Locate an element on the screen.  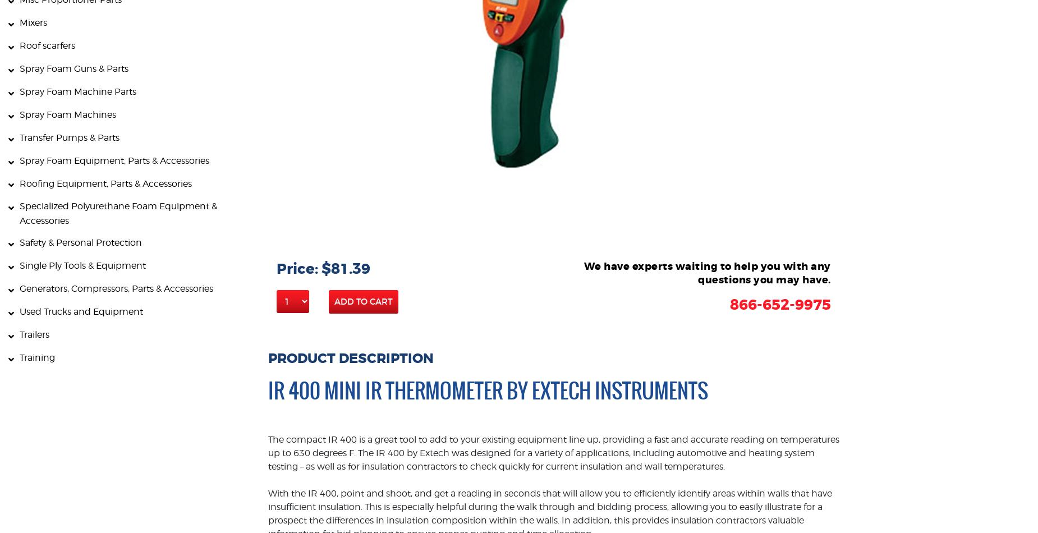
'Safety & Personal Protection' is located at coordinates (80, 242).